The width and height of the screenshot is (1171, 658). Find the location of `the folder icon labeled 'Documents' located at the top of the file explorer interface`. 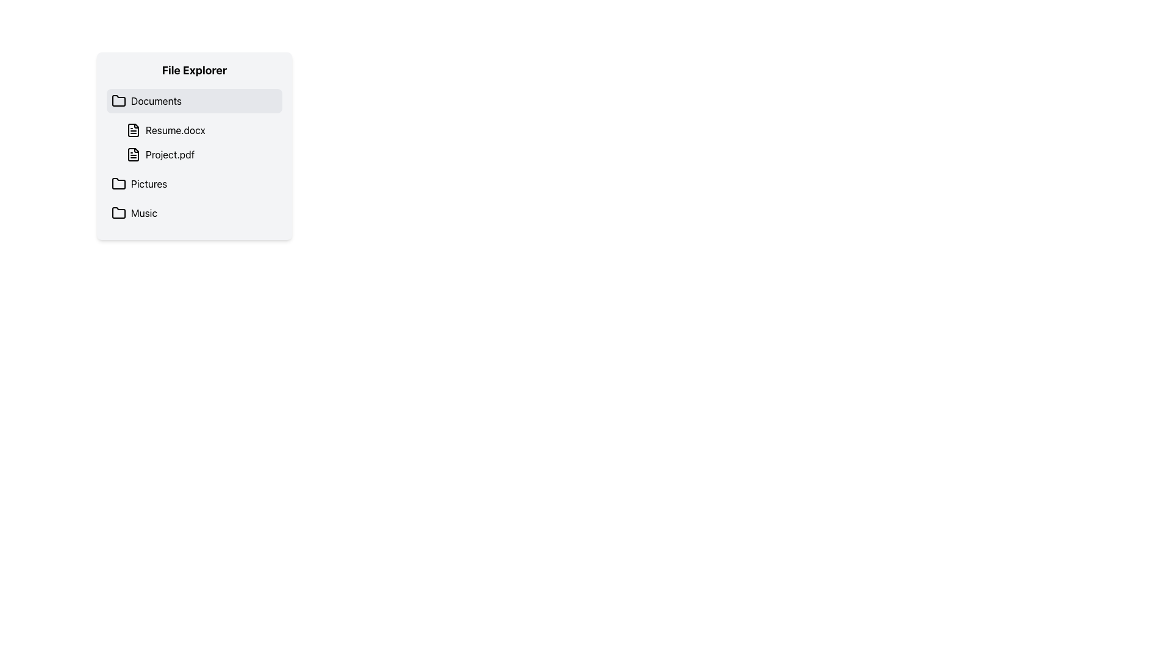

the folder icon labeled 'Documents' located at the top of the file explorer interface is located at coordinates (119, 100).